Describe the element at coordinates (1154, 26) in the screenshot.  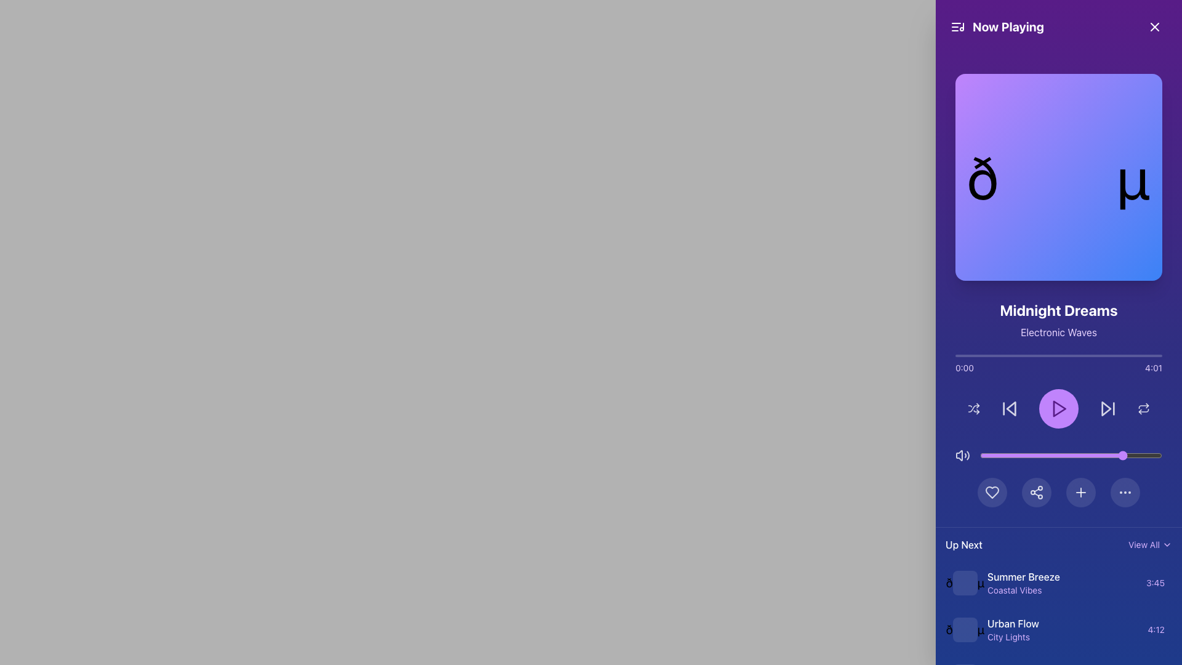
I see `the line segment forming part of the 'X' icon in the top-right corner of the interface, which serves as the close button for the panel` at that location.